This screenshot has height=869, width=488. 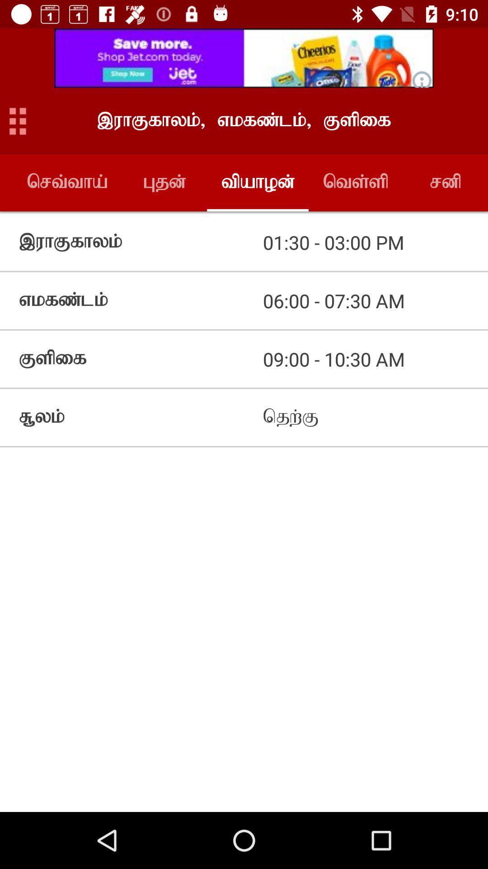 What do you see at coordinates (18, 120) in the screenshot?
I see `click app options` at bounding box center [18, 120].